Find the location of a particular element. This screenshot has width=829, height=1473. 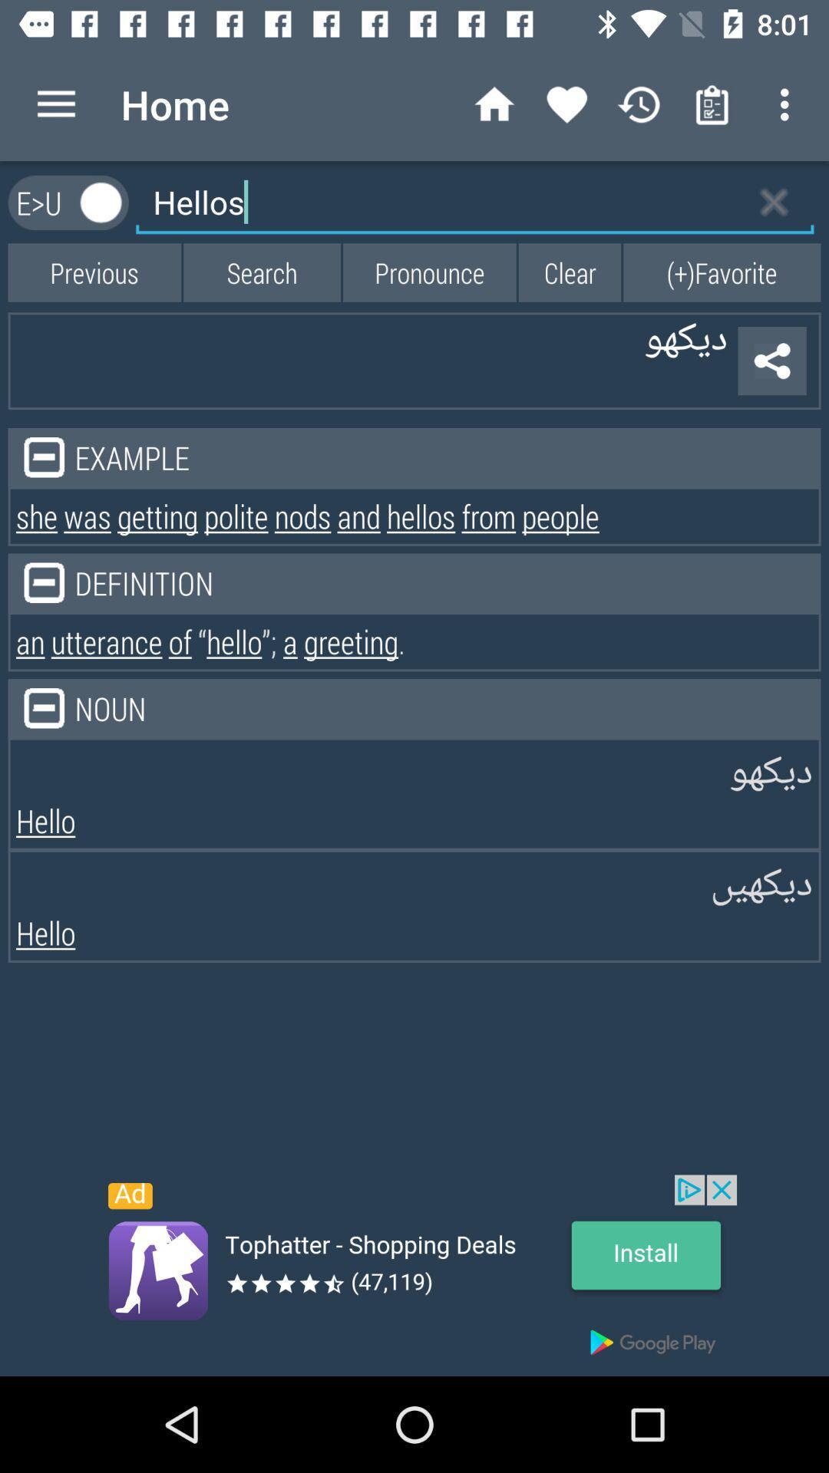

the white coloured circle is located at coordinates (101, 202).